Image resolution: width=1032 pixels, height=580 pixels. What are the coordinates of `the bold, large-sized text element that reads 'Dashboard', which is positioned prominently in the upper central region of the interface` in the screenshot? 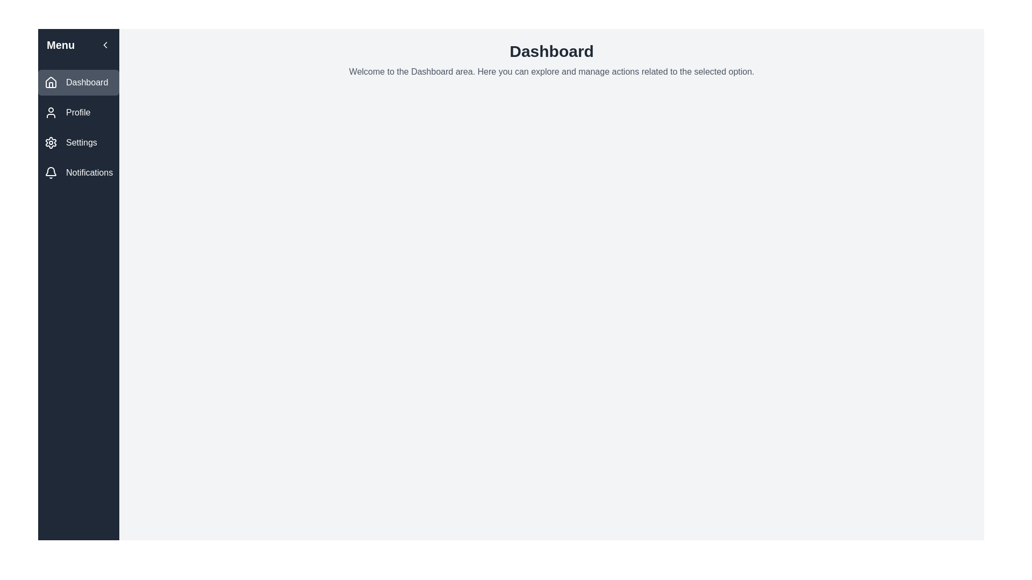 It's located at (551, 52).